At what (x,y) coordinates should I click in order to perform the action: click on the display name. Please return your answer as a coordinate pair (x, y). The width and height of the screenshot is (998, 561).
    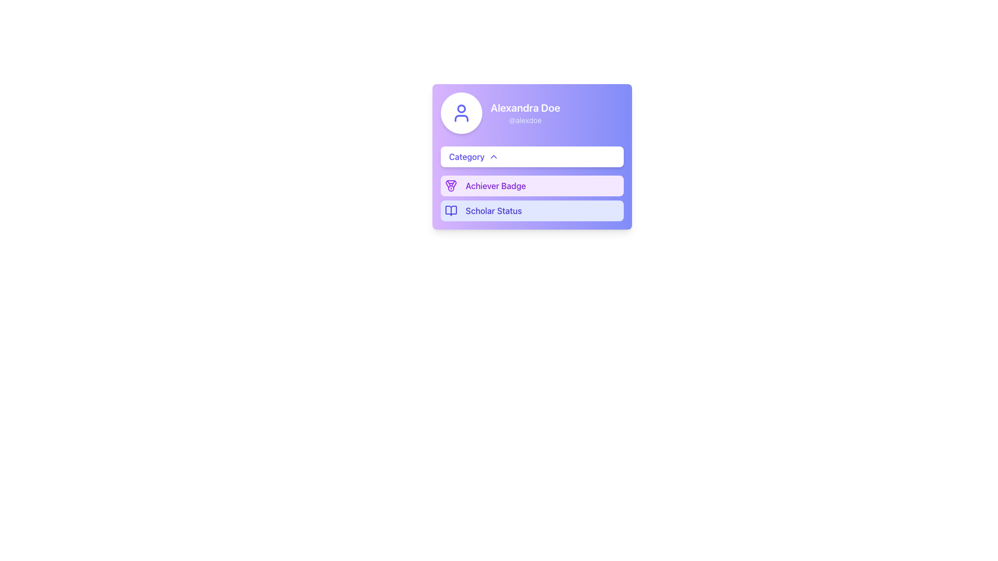
    Looking at the image, I should click on (524, 113).